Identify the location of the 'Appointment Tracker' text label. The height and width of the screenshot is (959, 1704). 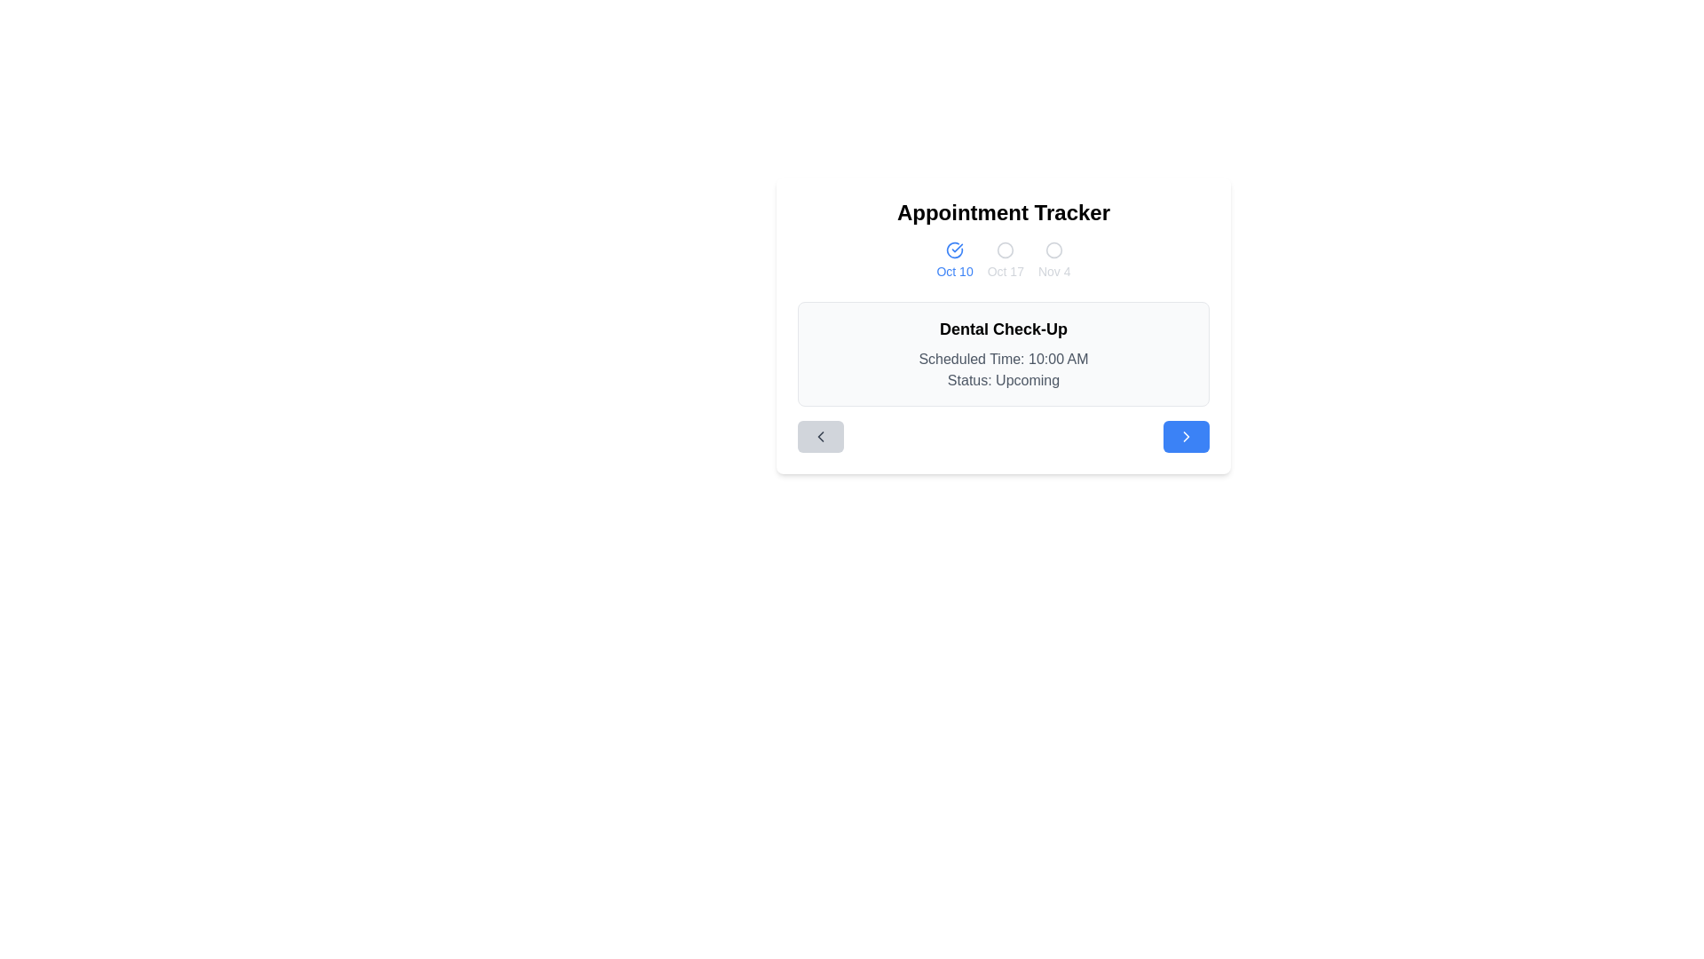
(1004, 211).